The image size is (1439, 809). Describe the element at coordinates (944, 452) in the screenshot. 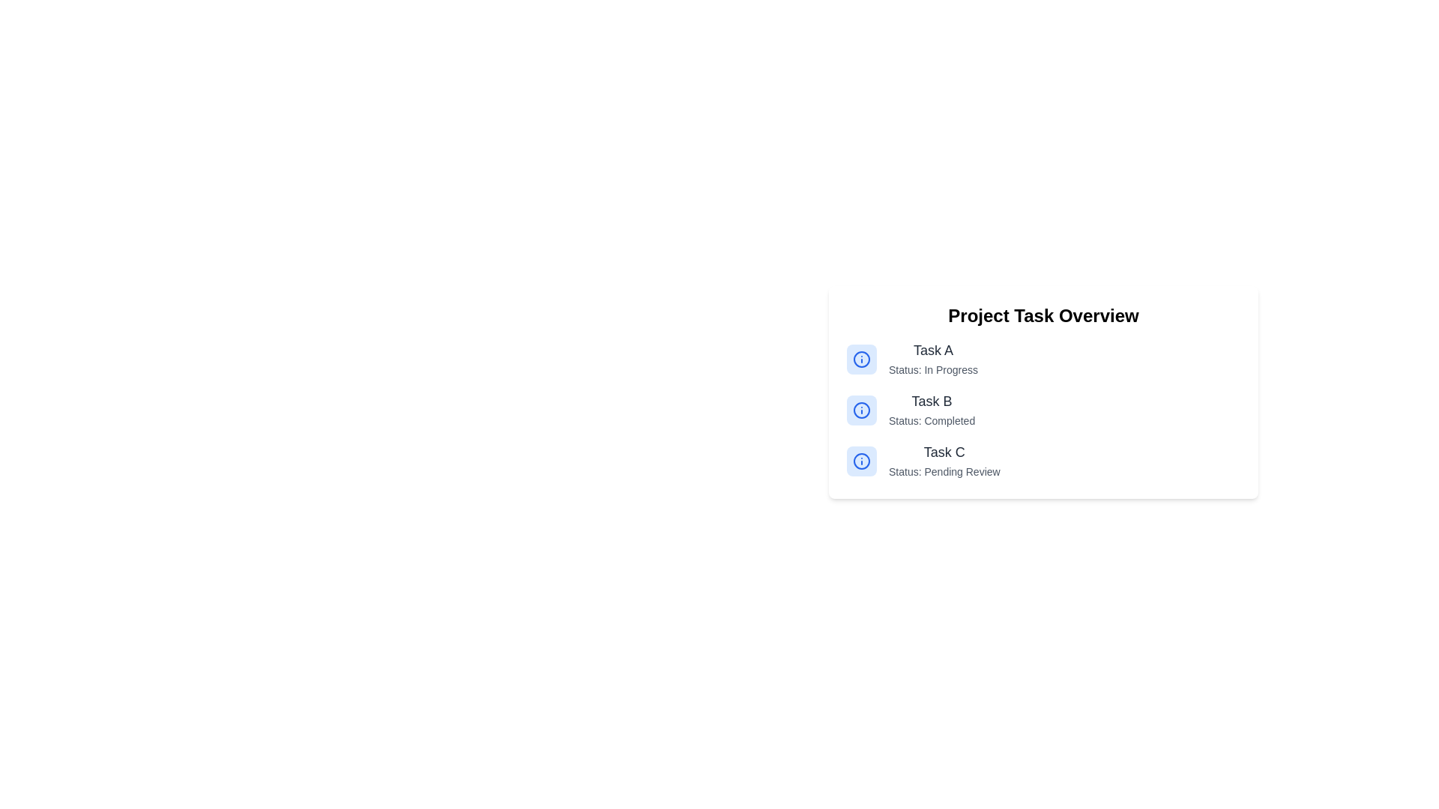

I see `the text label displaying 'Task C' in bold, dark gray font, which is the third item in the task overview list` at that location.